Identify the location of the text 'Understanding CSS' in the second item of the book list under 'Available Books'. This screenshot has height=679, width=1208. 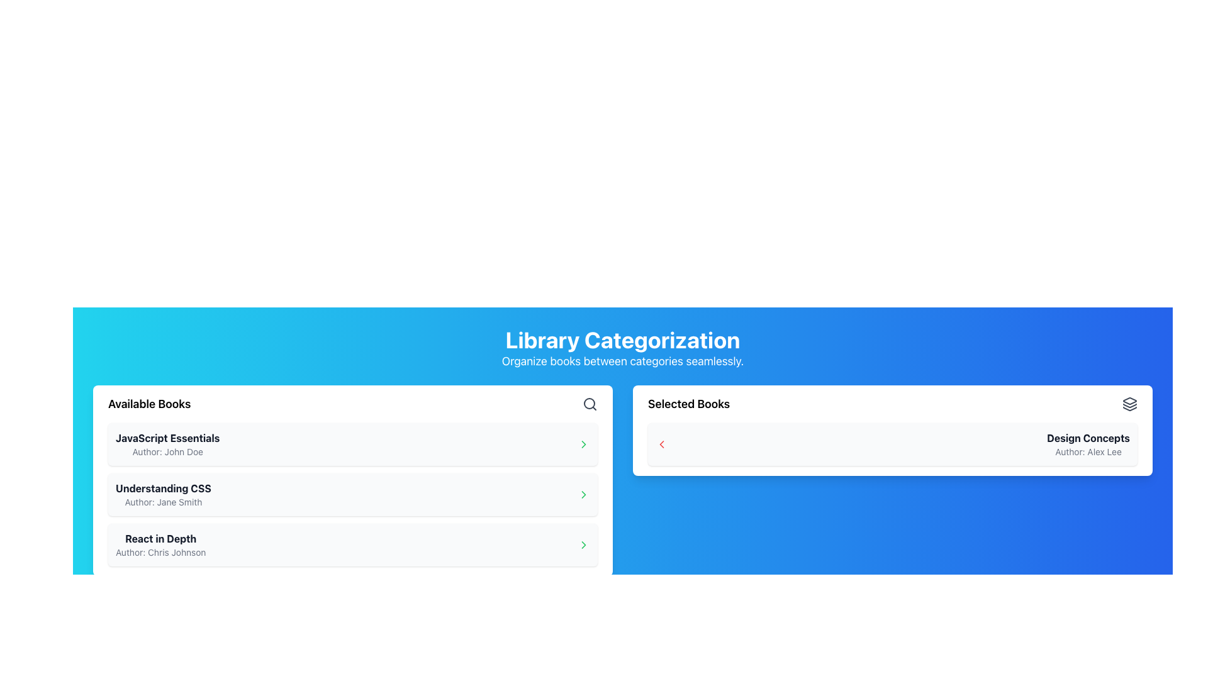
(162, 487).